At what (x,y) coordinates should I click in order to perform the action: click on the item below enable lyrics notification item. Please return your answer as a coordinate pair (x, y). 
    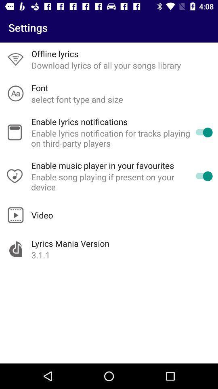
    Looking at the image, I should click on (103, 165).